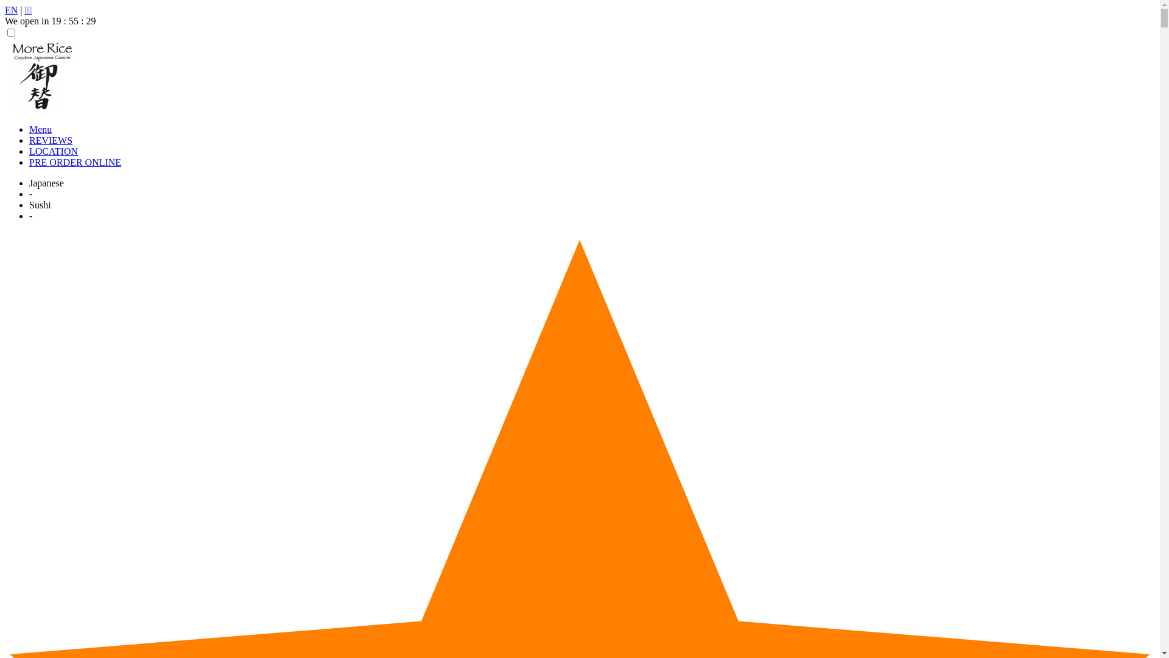  What do you see at coordinates (52, 150) in the screenshot?
I see `'LOCATION'` at bounding box center [52, 150].